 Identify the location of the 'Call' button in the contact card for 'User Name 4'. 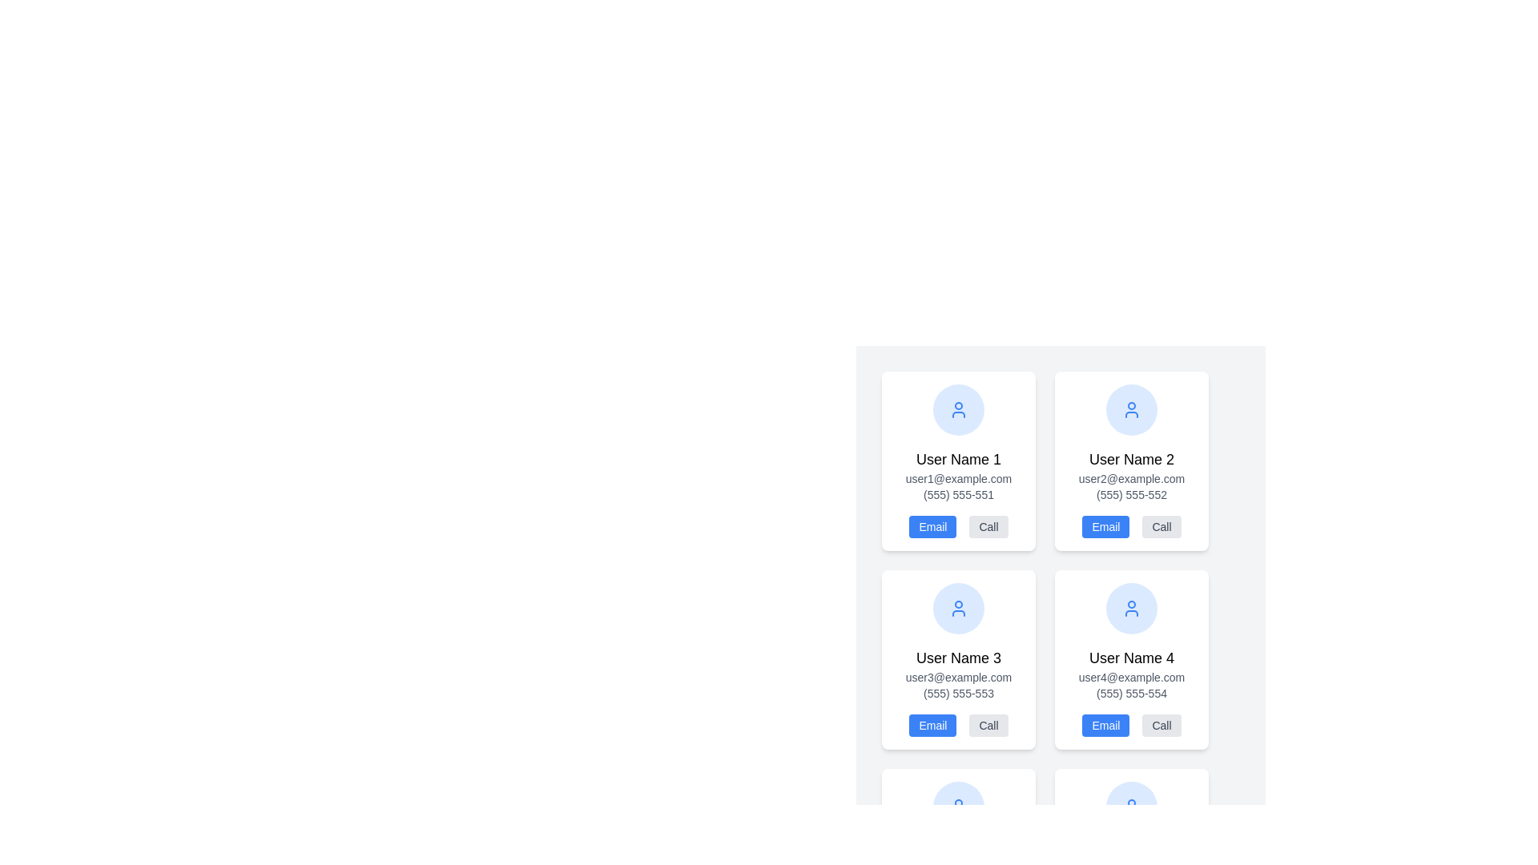
(1162, 726).